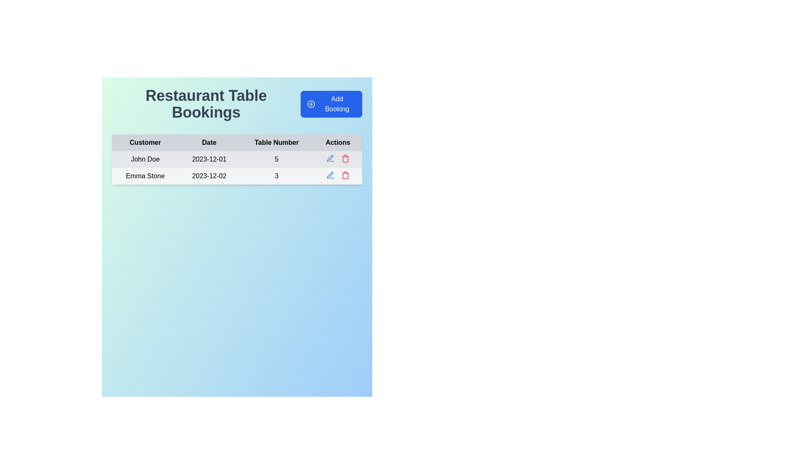 The height and width of the screenshot is (452, 805). I want to click on the text label displaying '2023-12-01' located in the 'Date' column of the table row for 'John Doe', so click(209, 159).